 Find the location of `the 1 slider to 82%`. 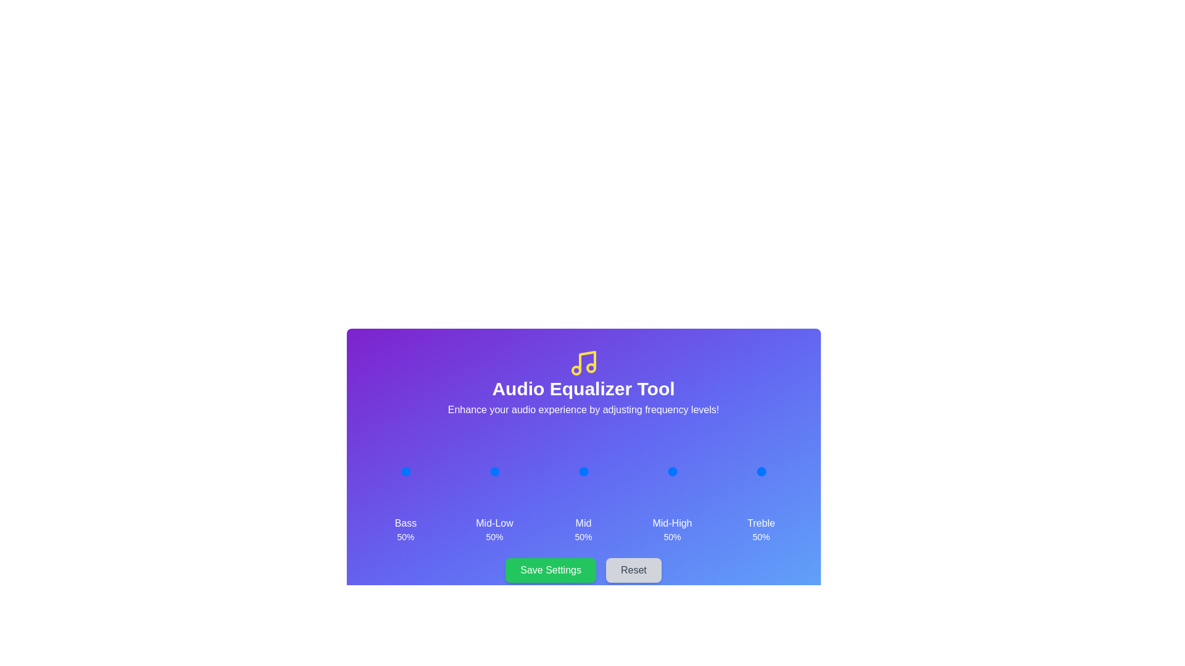

the 1 slider to 82% is located at coordinates (507, 471).